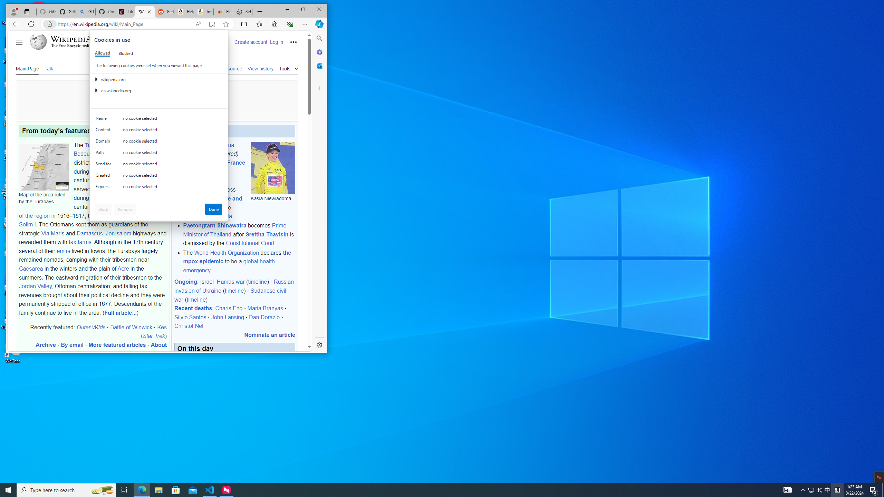 This screenshot has height=497, width=884. I want to click on 'Domain', so click(104, 143).